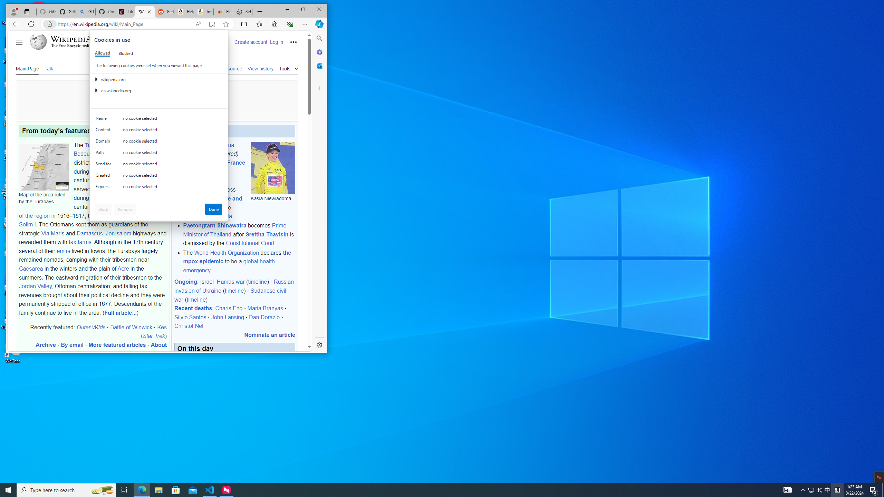 This screenshot has height=497, width=884. I want to click on 'Domain', so click(104, 143).